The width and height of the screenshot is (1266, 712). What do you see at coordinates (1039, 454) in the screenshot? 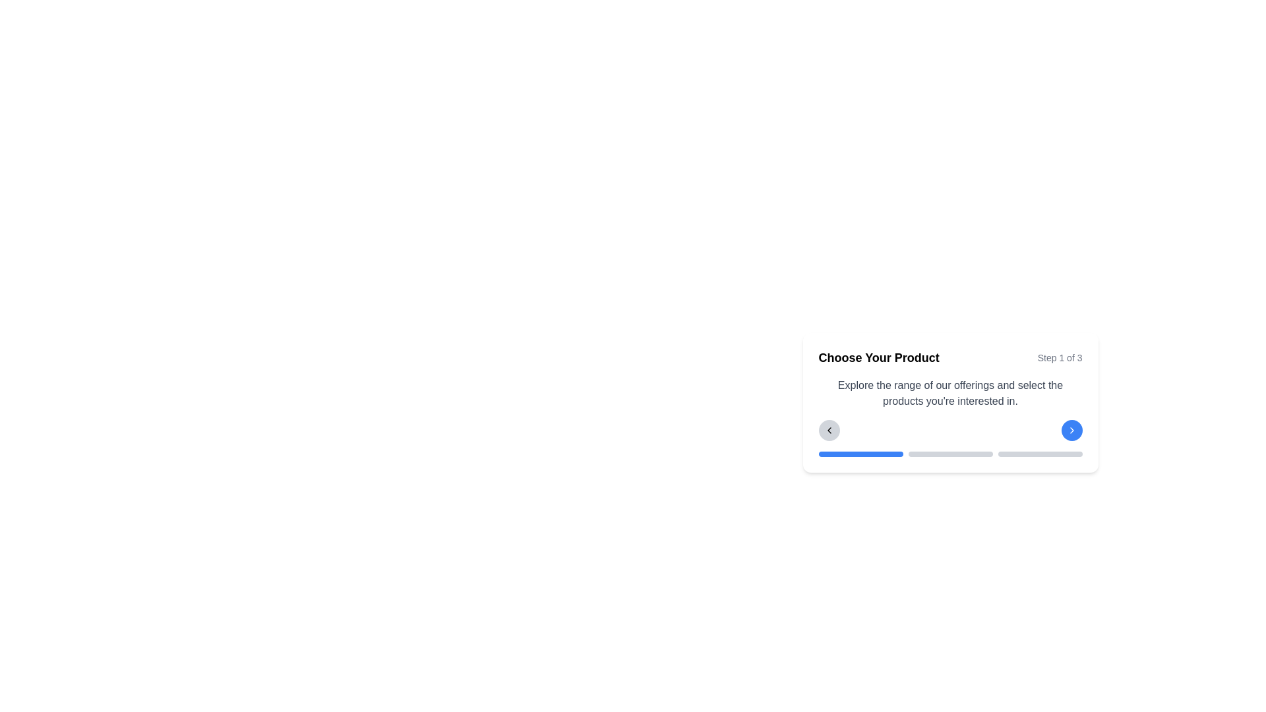
I see `the third progress indicator segment, which is a light gray rectangular bar with rounded ends located below the text 'Choose Your Product'` at bounding box center [1039, 454].